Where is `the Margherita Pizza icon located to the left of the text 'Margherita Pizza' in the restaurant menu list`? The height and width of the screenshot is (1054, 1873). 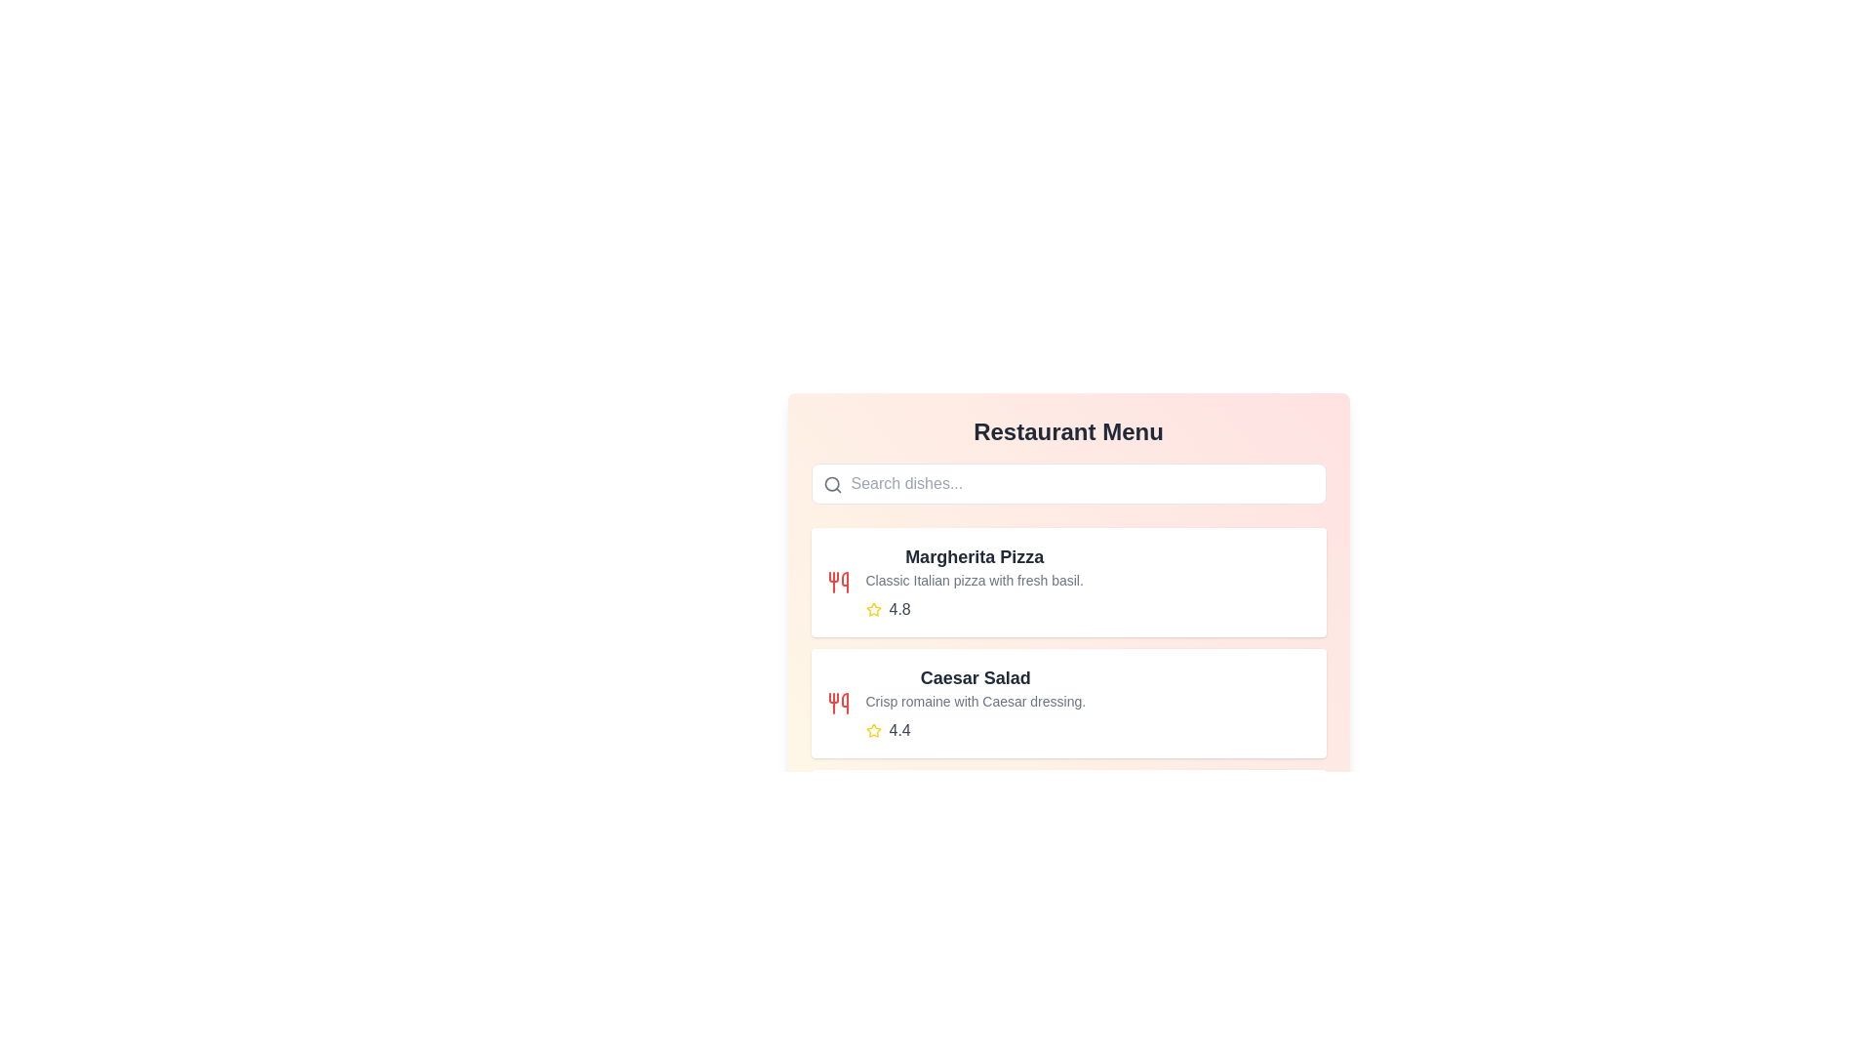
the Margherita Pizza icon located to the left of the text 'Margherita Pizza' in the restaurant menu list is located at coordinates (838, 582).